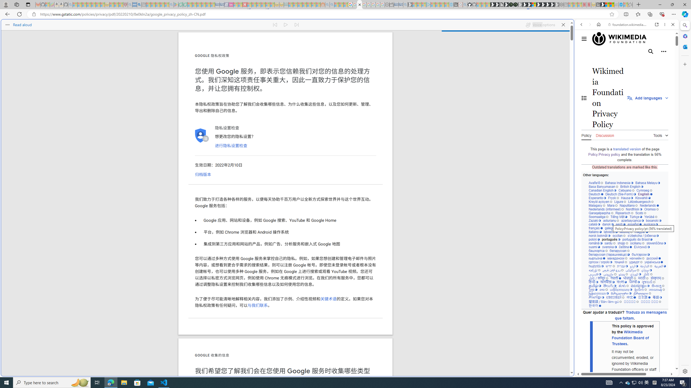 This screenshot has height=388, width=691. I want to click on 'Ripoarisch', so click(624, 213).